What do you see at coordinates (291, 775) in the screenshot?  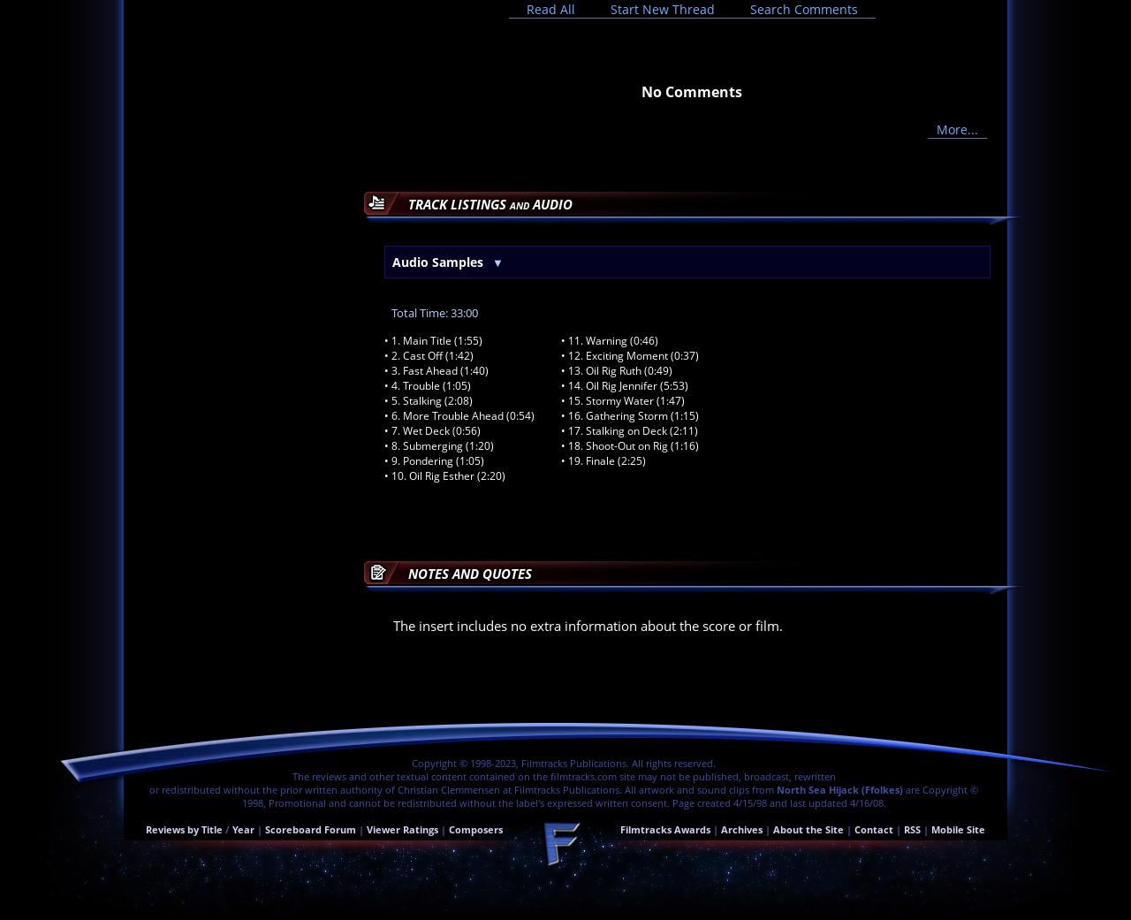 I see `'The reviews and other textual content contained on the filmtracks.com site may not be published, broadcast, rewritten'` at bounding box center [291, 775].